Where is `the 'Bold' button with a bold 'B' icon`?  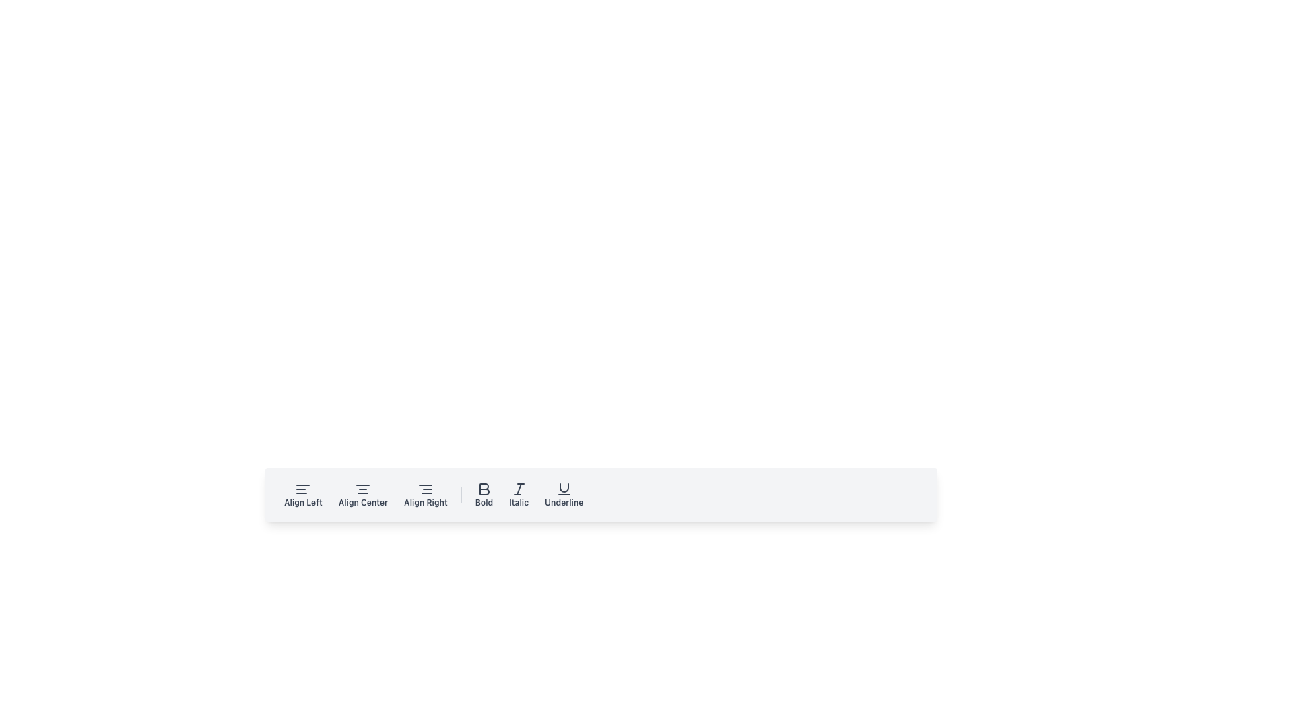
the 'Bold' button with a bold 'B' icon is located at coordinates (484, 495).